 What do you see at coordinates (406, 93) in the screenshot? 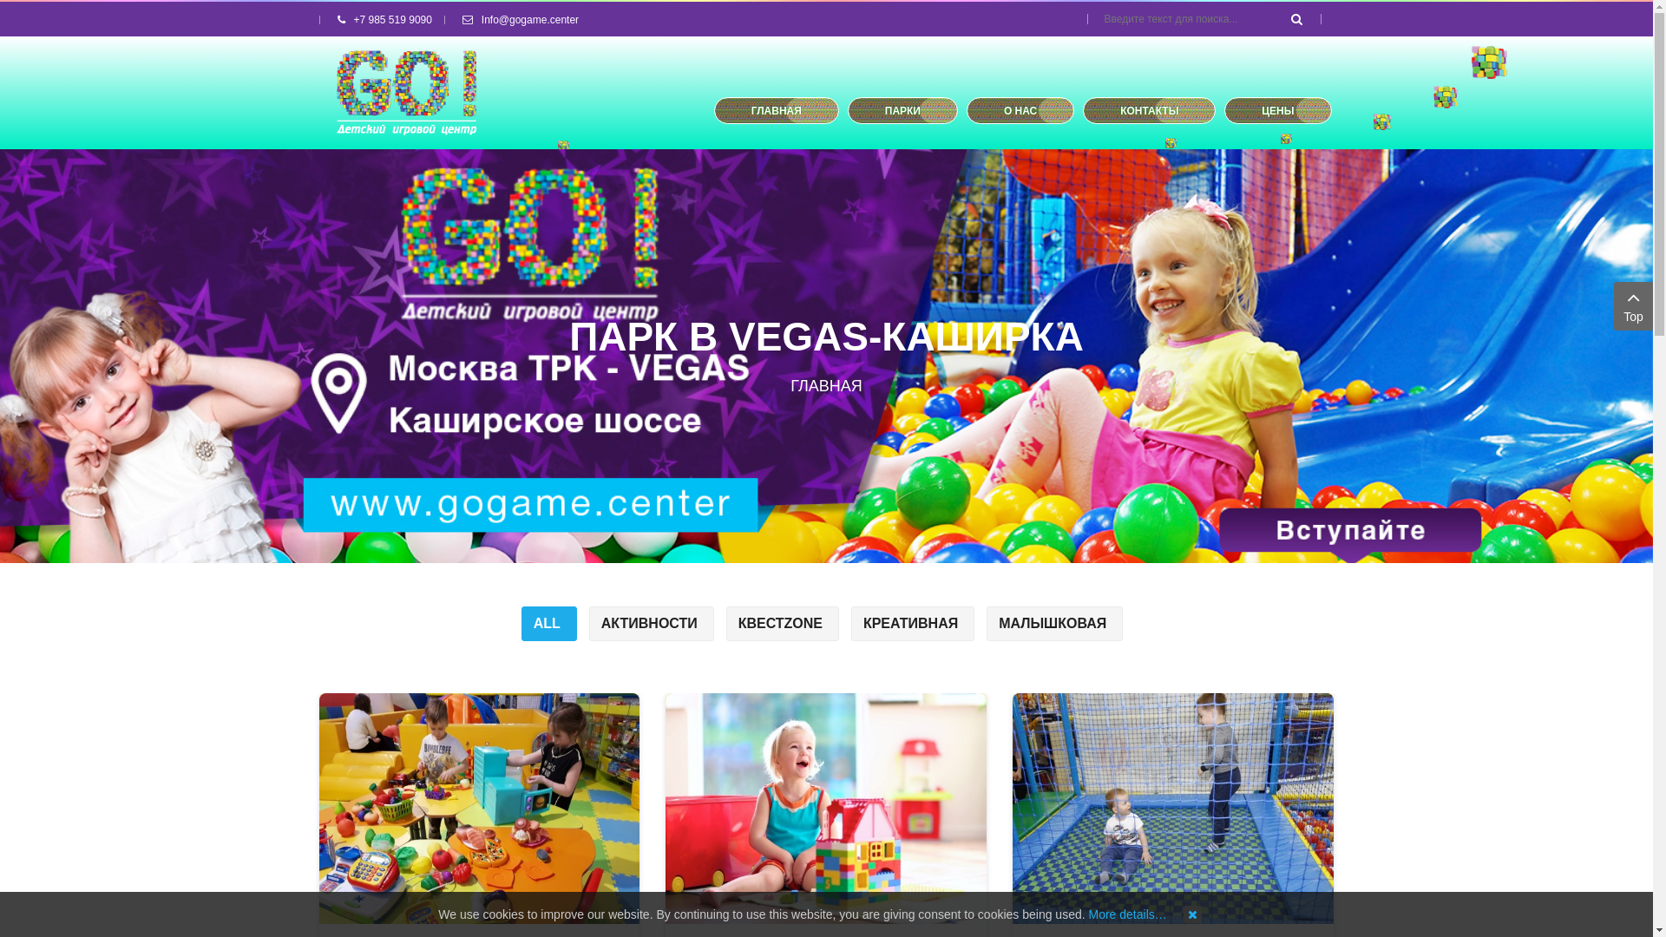
I see `'GOgame'` at bounding box center [406, 93].